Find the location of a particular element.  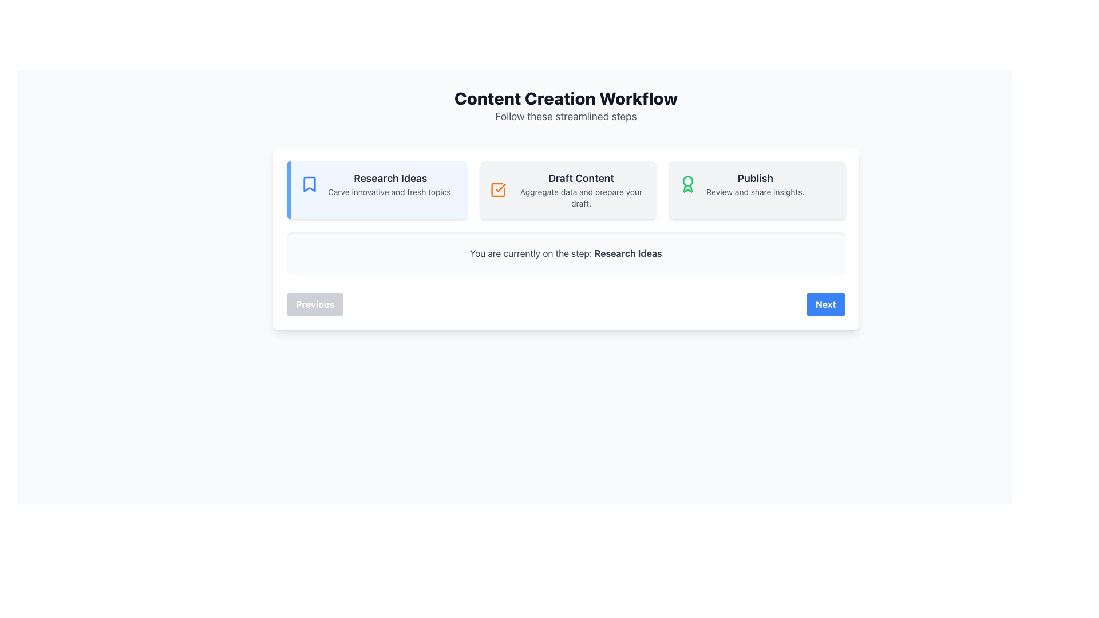

the visual indication of the selected state by interacting with the checkmark icon in the 'Draft Content' tab, which indicates that the step has been completed is located at coordinates (500, 187).